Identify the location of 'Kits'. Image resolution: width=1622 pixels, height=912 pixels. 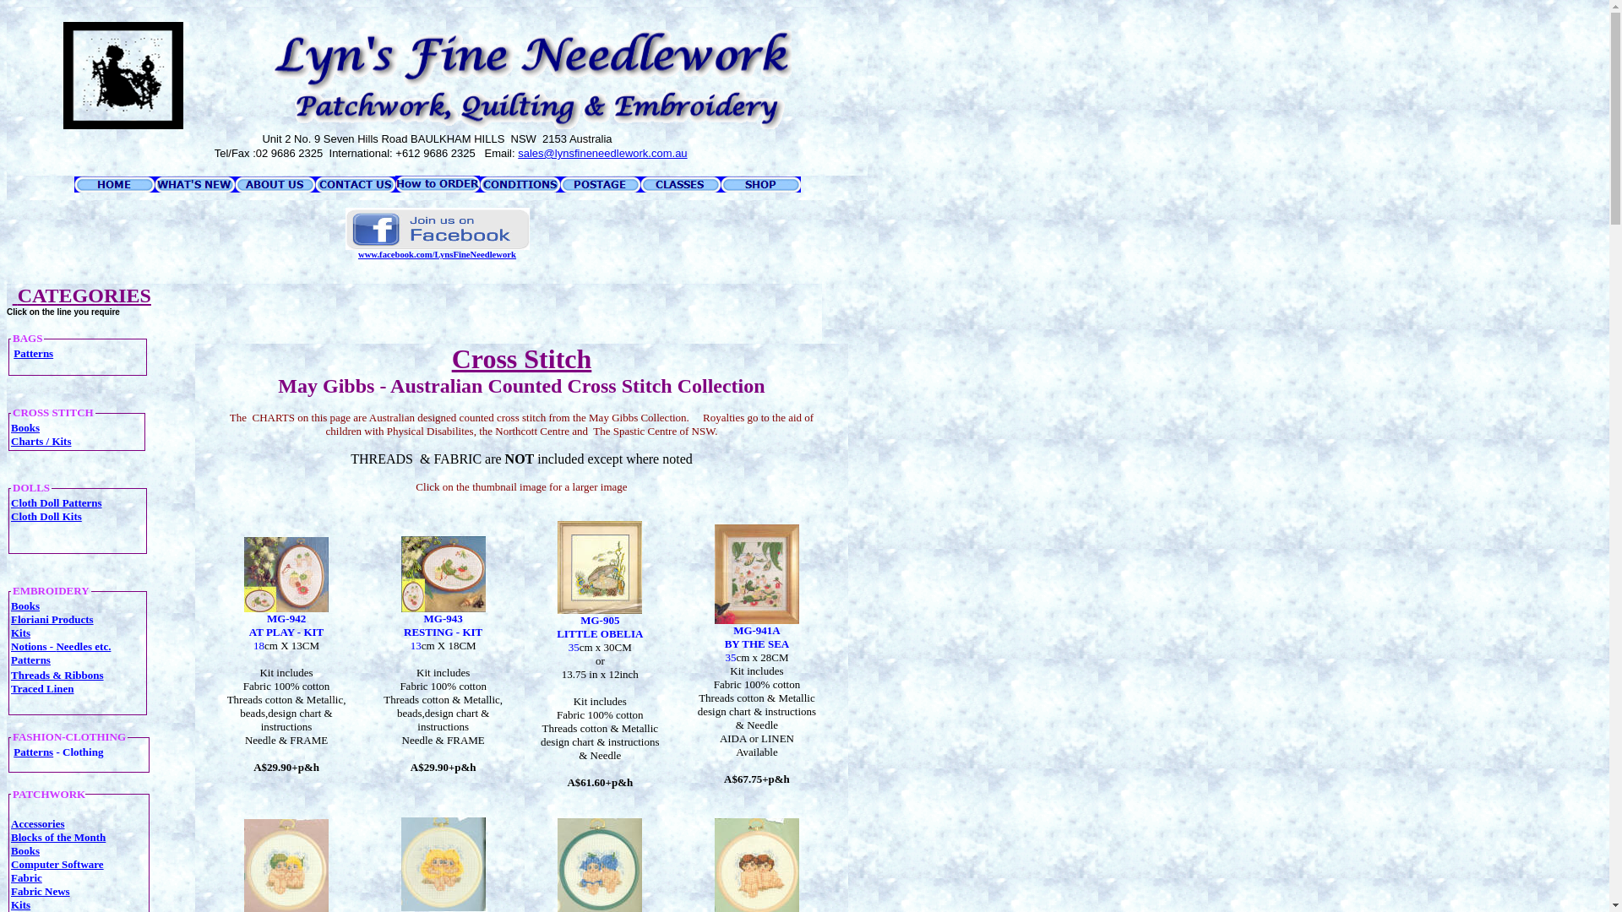
(20, 904).